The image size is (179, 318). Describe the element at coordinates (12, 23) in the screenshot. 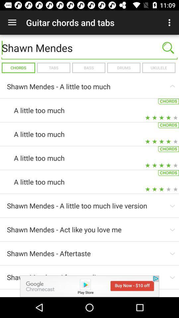

I see `icon above the shawn mendes` at that location.